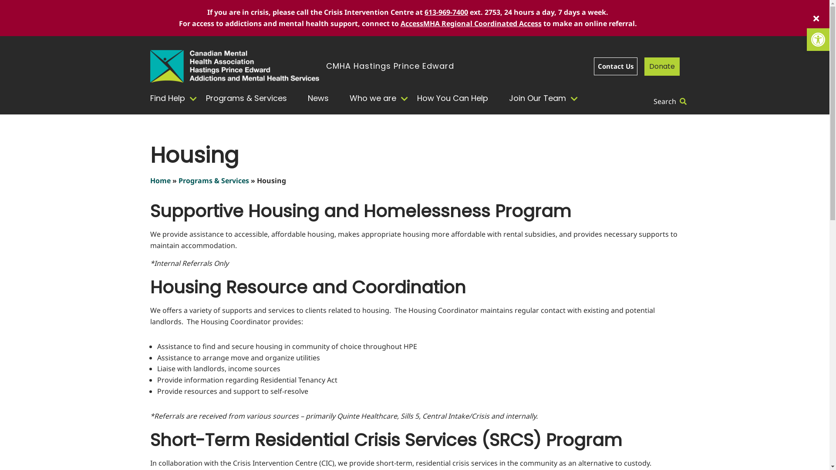 The height and width of the screenshot is (470, 836). What do you see at coordinates (160, 180) in the screenshot?
I see `'Home'` at bounding box center [160, 180].